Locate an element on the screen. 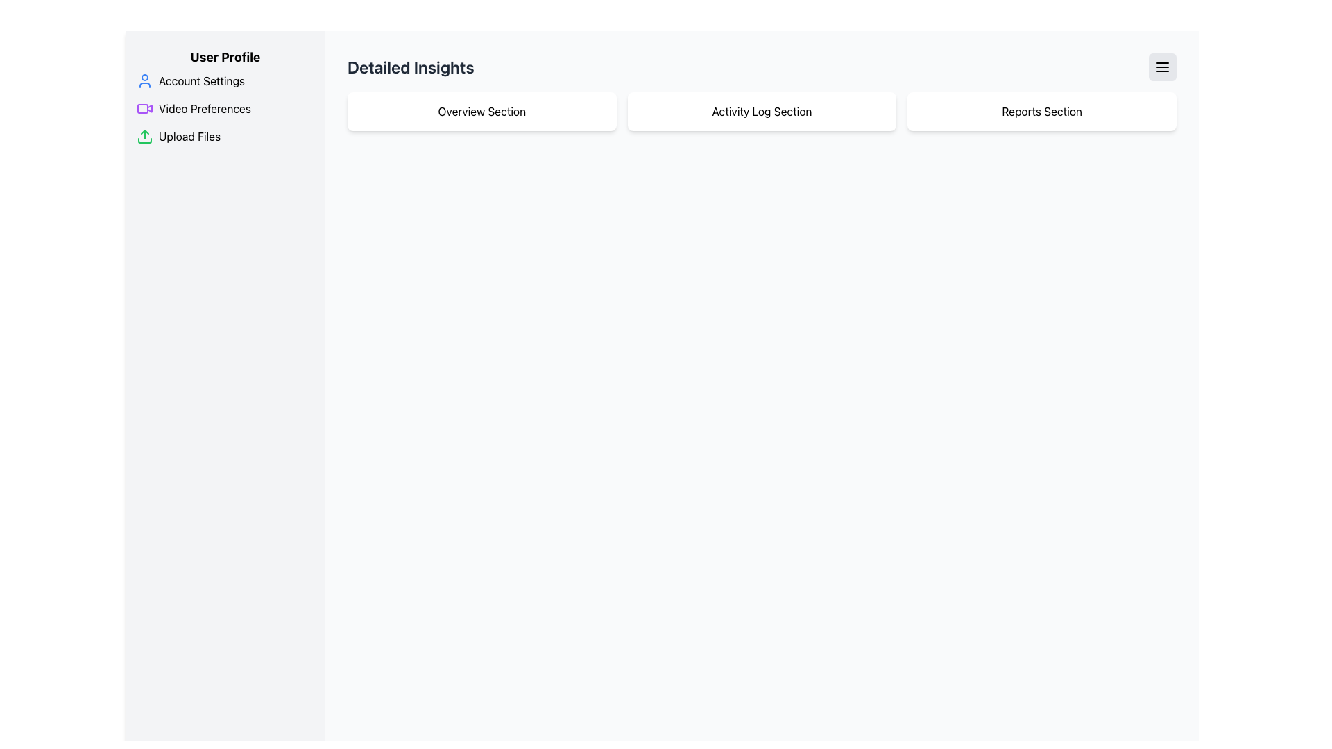  the second menu item under the 'User Profile' section is located at coordinates (225, 108).